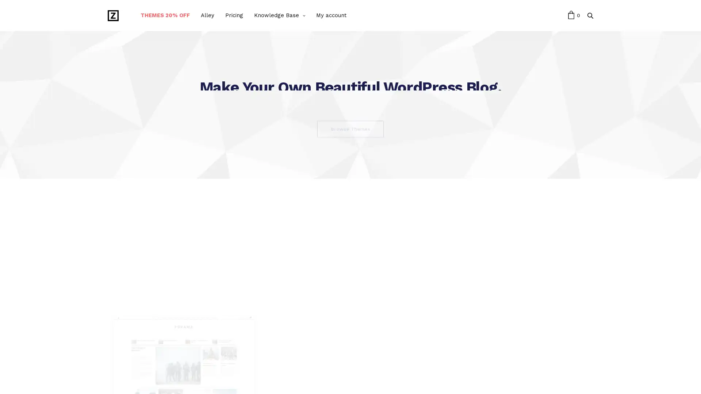  I want to click on Browse Themes, so click(350, 128).